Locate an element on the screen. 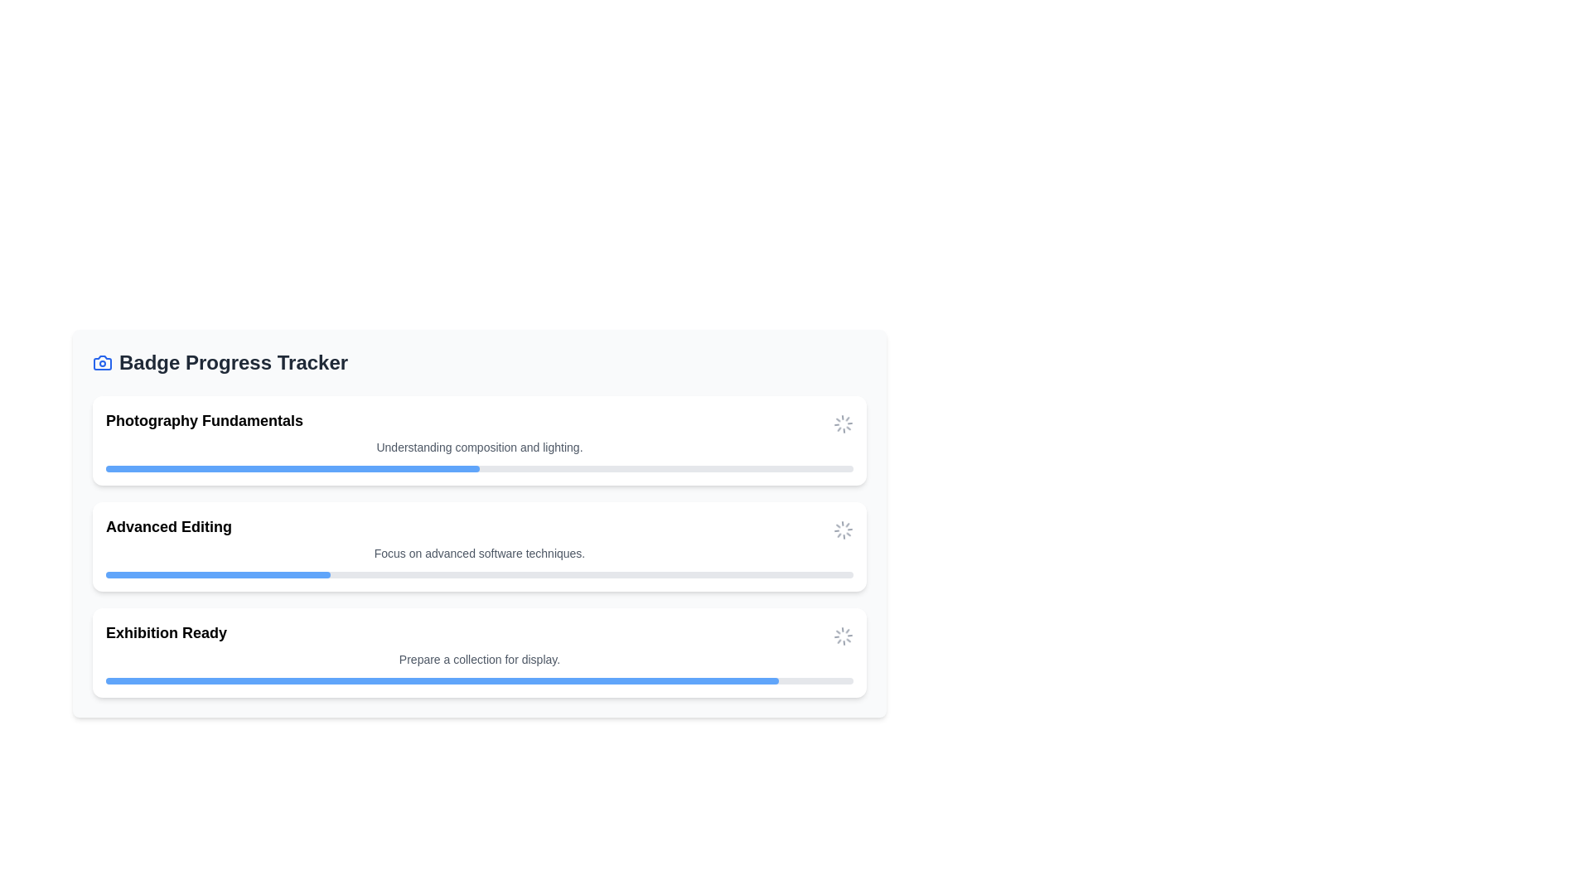  the 'Photography Fundamentals' card element, which is the first card in the vertical stack under 'Badge Progress Tracker' is located at coordinates (479, 440).